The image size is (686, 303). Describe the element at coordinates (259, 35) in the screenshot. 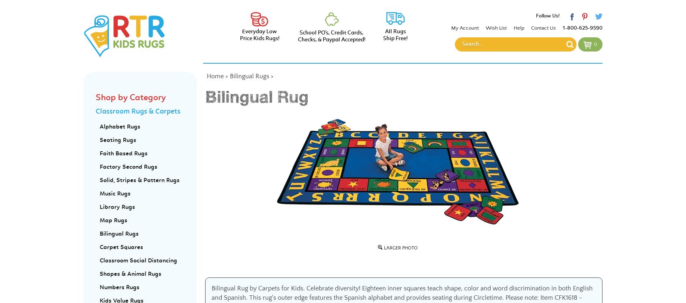

I see `'Everyday Low Price Kids Rugs!'` at that location.